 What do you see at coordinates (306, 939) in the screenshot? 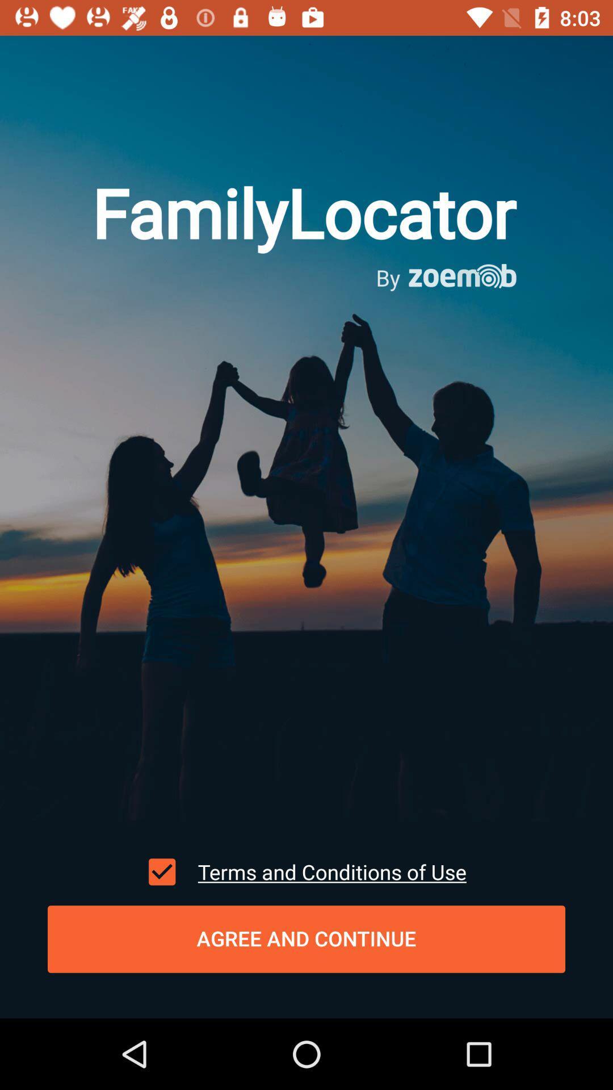
I see `agree and continue item` at bounding box center [306, 939].